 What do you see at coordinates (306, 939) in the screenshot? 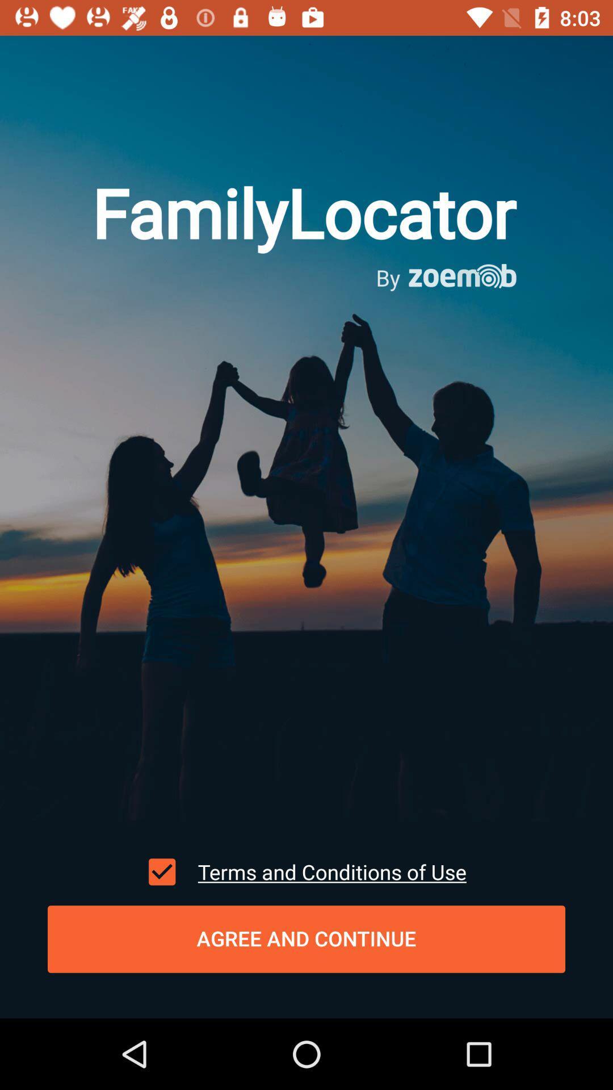
I see `agree and continue item` at bounding box center [306, 939].